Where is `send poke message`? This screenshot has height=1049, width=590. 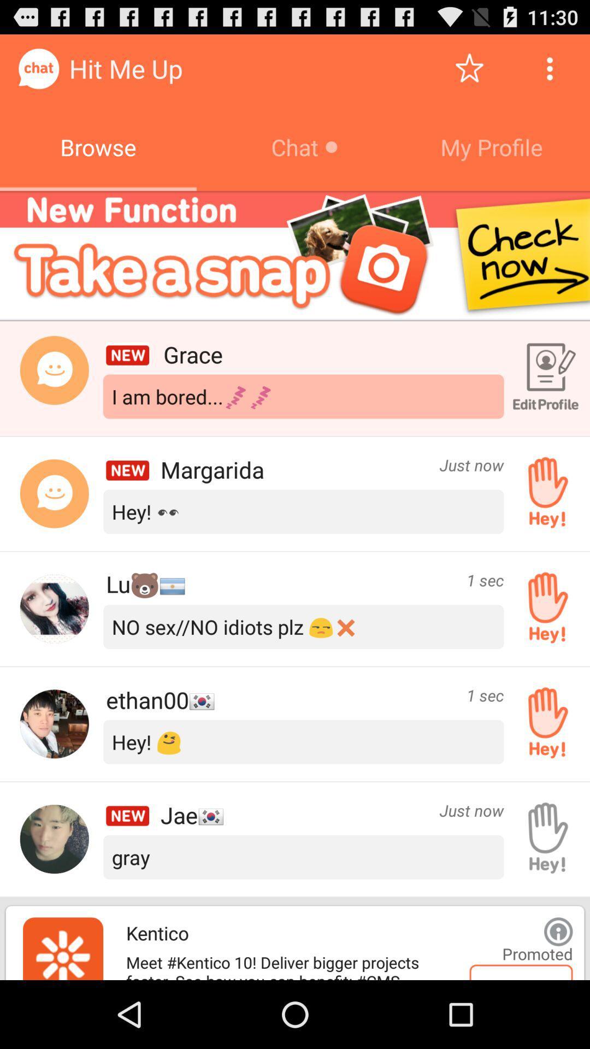 send poke message is located at coordinates (544, 724).